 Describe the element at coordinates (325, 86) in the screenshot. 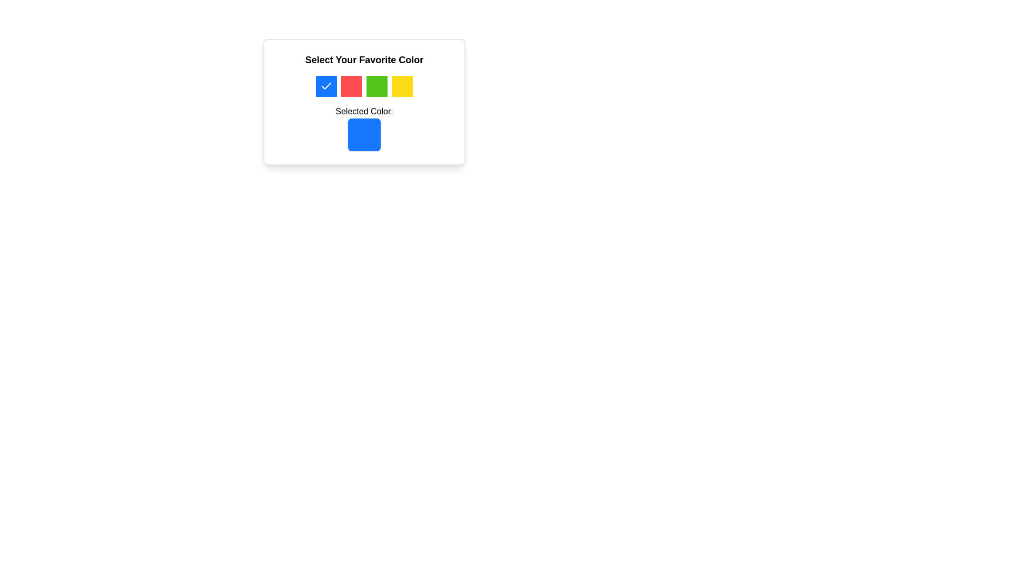

I see `the checkmark icon within the first blue tile in the color selection area` at that location.